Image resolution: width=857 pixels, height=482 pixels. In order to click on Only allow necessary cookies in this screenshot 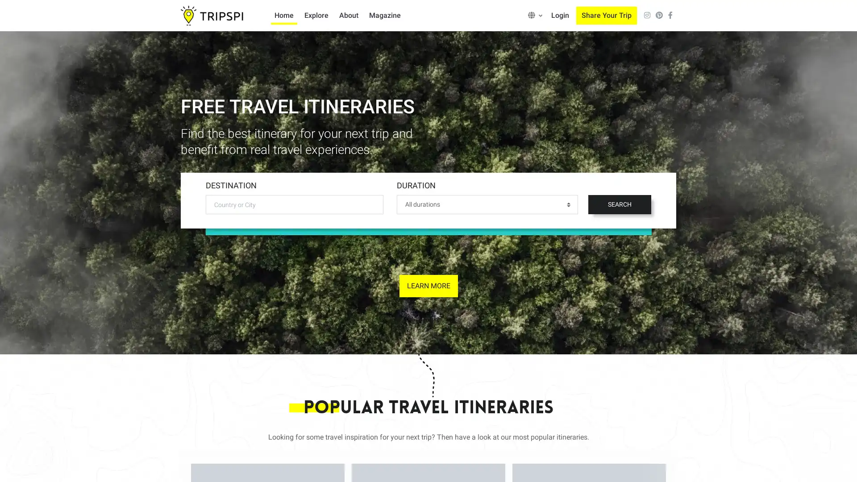, I will do `click(300, 440)`.